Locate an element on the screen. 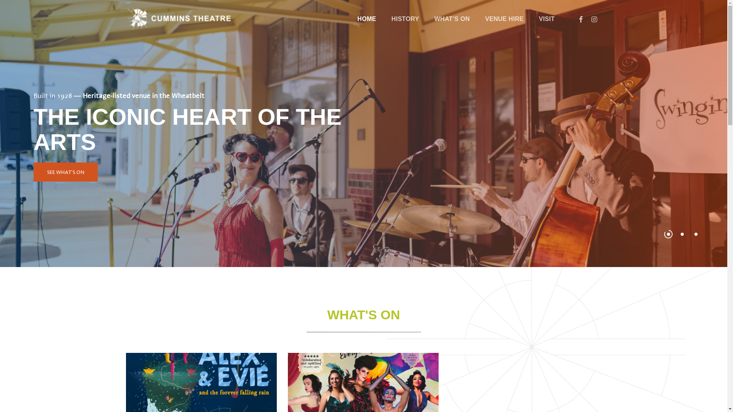 The width and height of the screenshot is (733, 412). 'FACEBOOK' is located at coordinates (580, 19).